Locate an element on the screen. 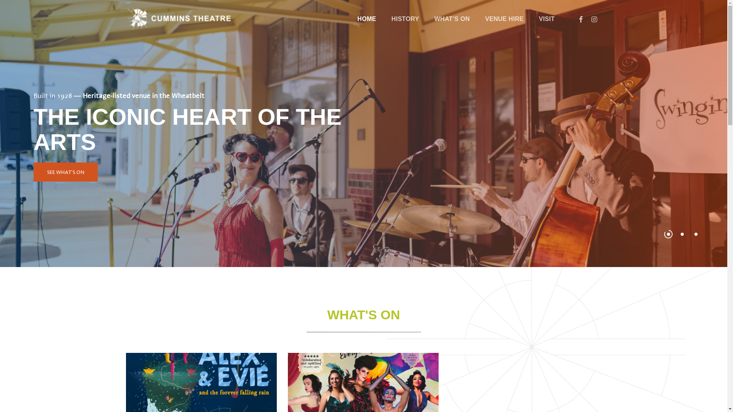 The width and height of the screenshot is (733, 412). 'FACEBOOK' is located at coordinates (580, 19).